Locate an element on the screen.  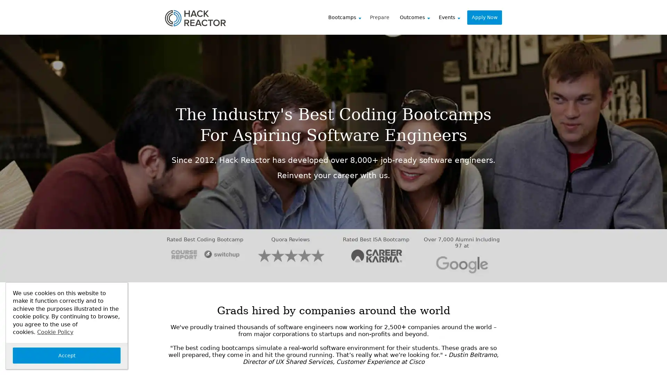
Outcomes is located at coordinates (417, 17).